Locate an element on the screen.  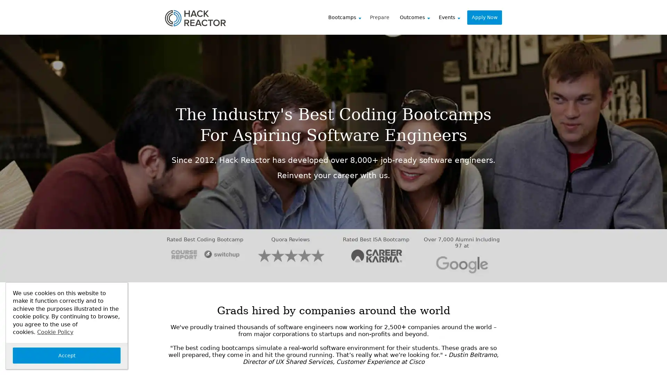
Outcomes is located at coordinates (417, 17).